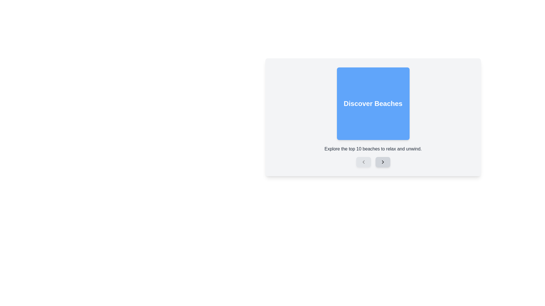 The height and width of the screenshot is (306, 545). What do you see at coordinates (363, 162) in the screenshot?
I see `the leftmost button located in the bottom-left area of the blue card titled 'Discover Beaches'` at bounding box center [363, 162].